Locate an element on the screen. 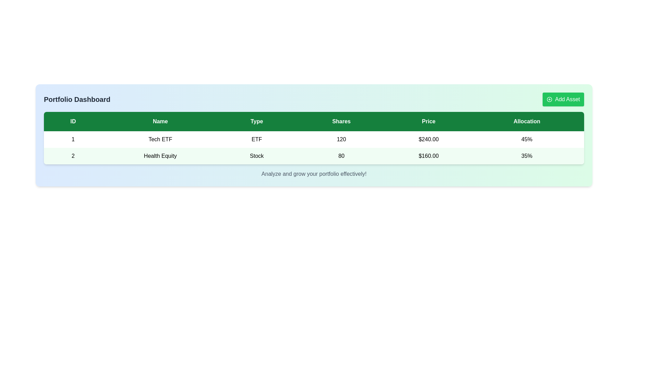 This screenshot has width=664, height=373. the 'Name' table header, which is the second header in a row of six is located at coordinates (160, 121).